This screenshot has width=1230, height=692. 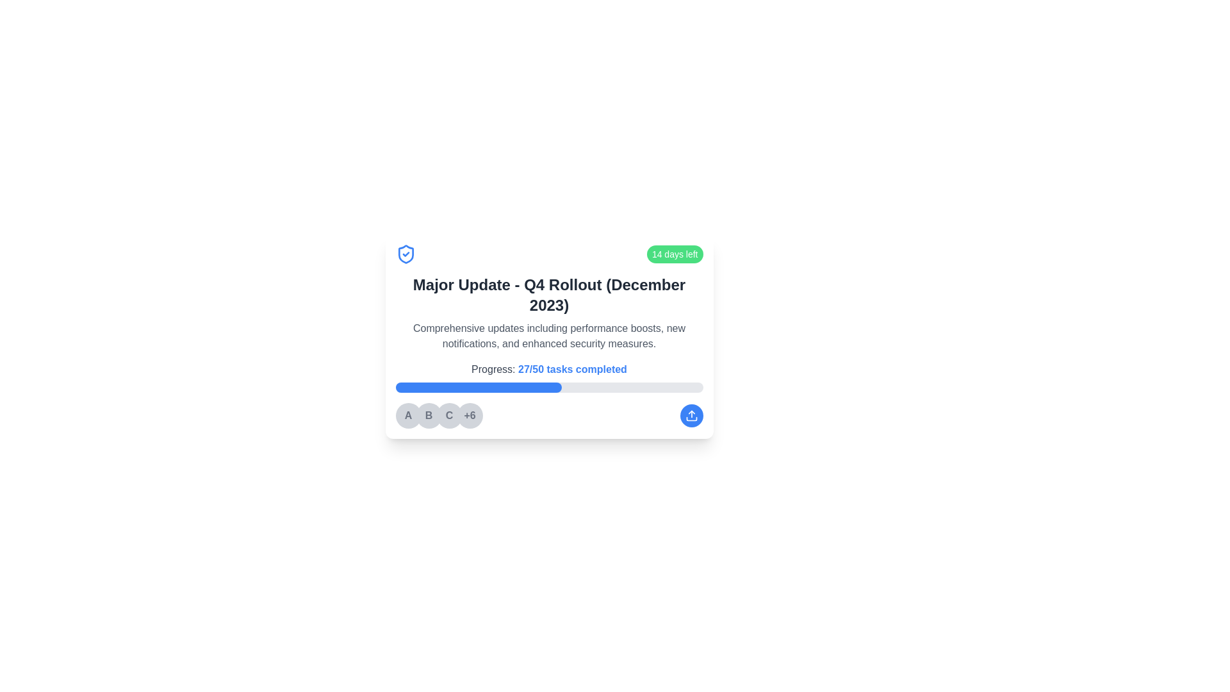 I want to click on the circular button with a light gray background and the text '+6', located at the bottom-right of the card, next to buttons labeled 'A', 'B', and 'C', so click(x=469, y=415).